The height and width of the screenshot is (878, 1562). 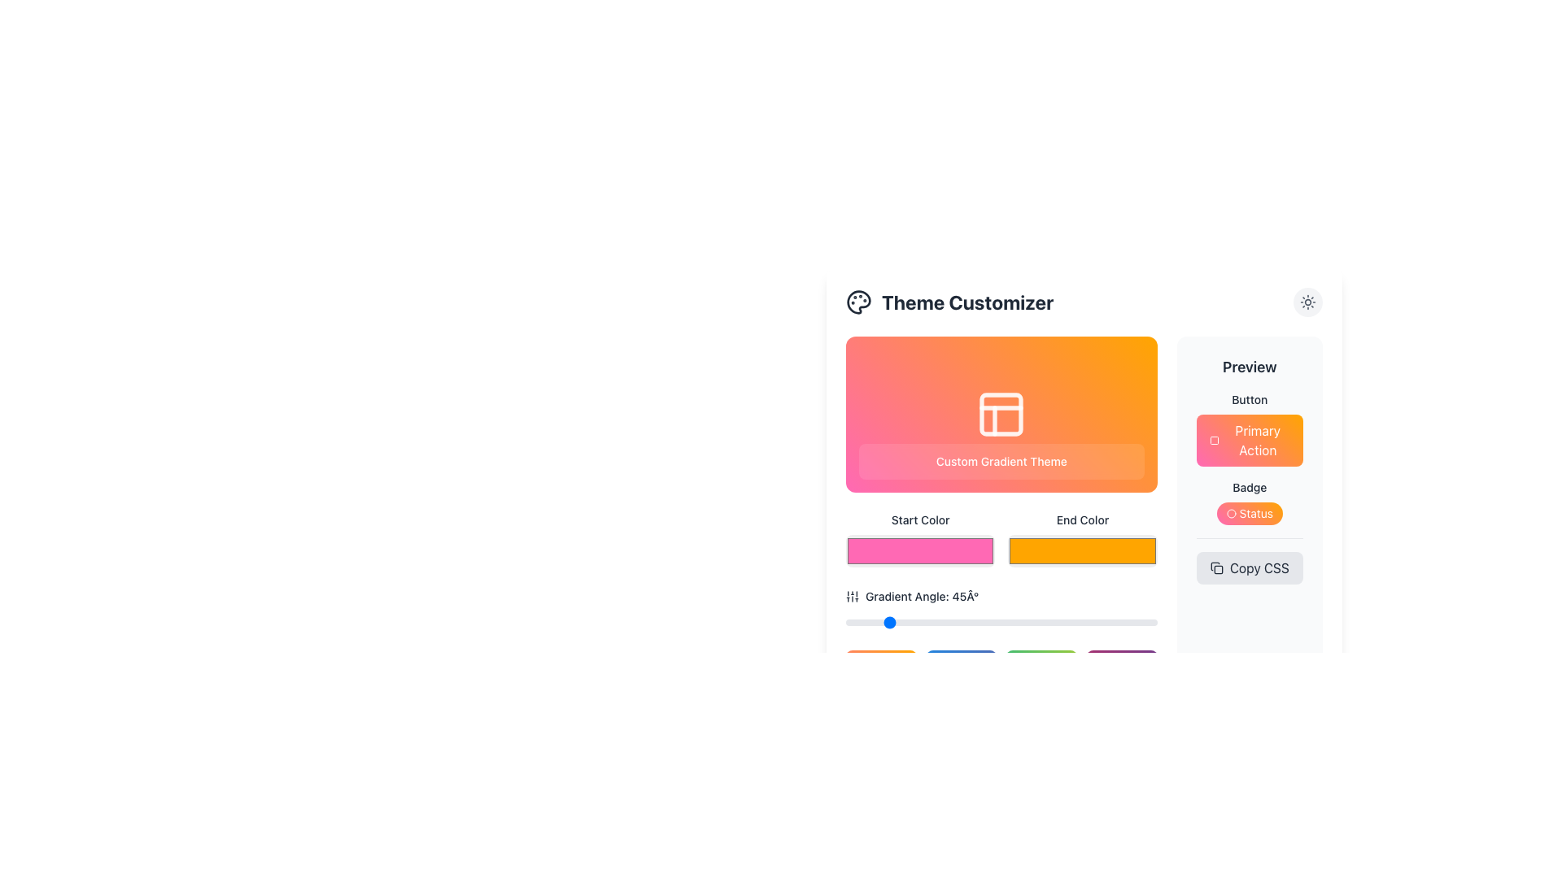 I want to click on the 'Copy CSS' button which contains the grey-colored icon with a copy symbol, located directly to the left of the 'Copy CSS' text, so click(x=1216, y=567).